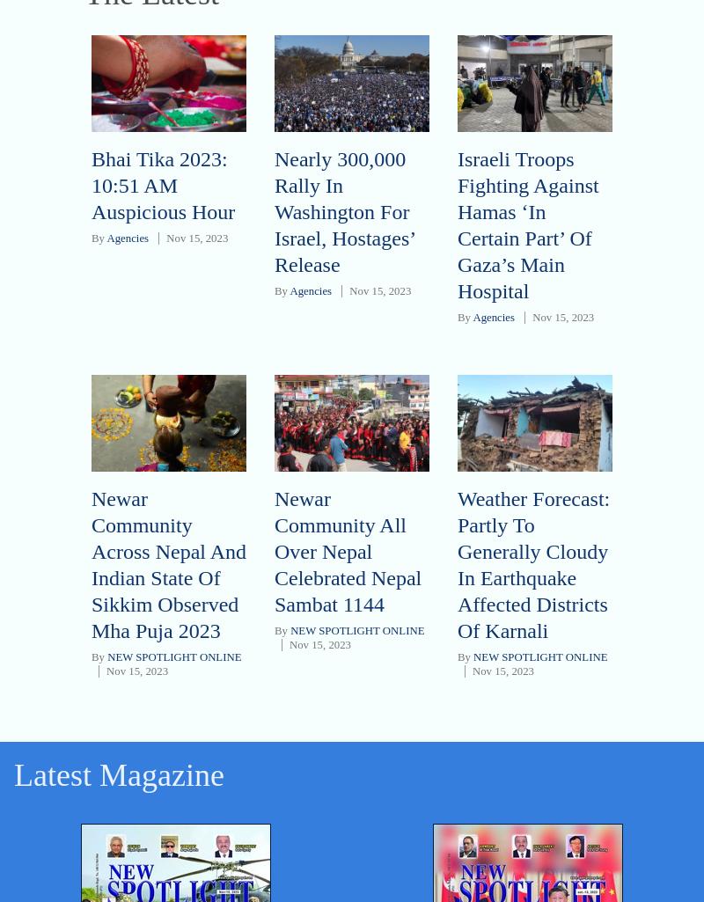 This screenshot has width=704, height=902. I want to click on 'Weather Forecast: Partly To Generally Cloudy In Earthquake Affected Districts Of Karnali', so click(456, 563).